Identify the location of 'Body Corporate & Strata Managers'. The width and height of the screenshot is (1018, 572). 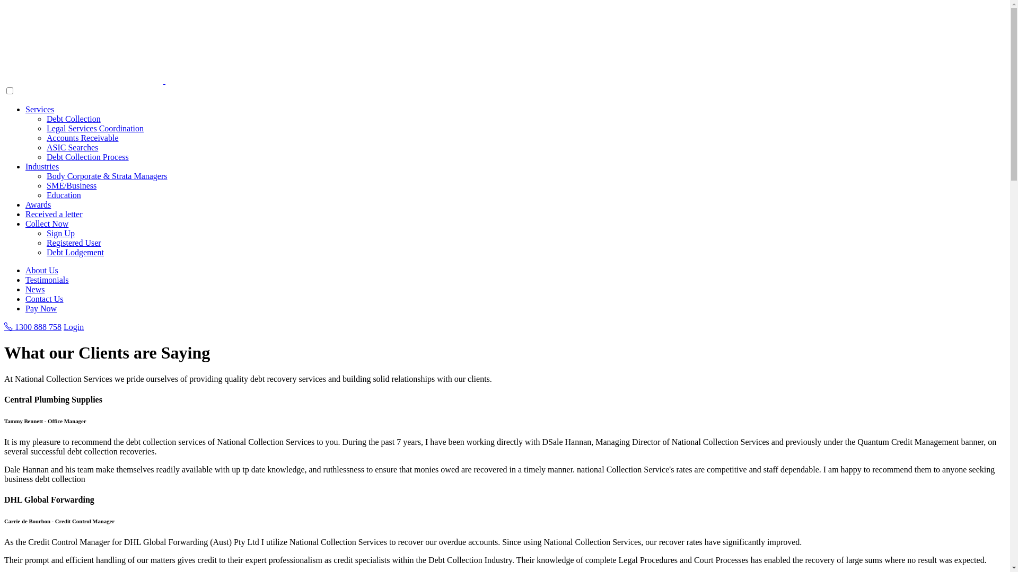
(107, 175).